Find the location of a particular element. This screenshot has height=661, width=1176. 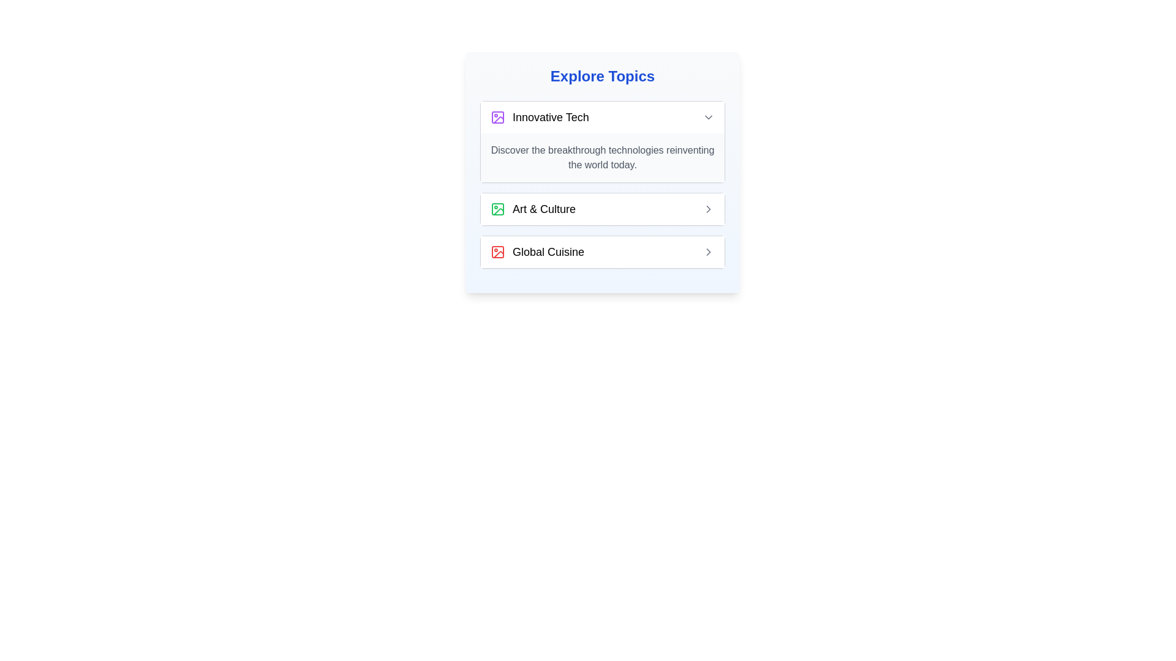

the chevron icon located on the far-right side of the 'Art & Culture' list item is located at coordinates (708, 209).